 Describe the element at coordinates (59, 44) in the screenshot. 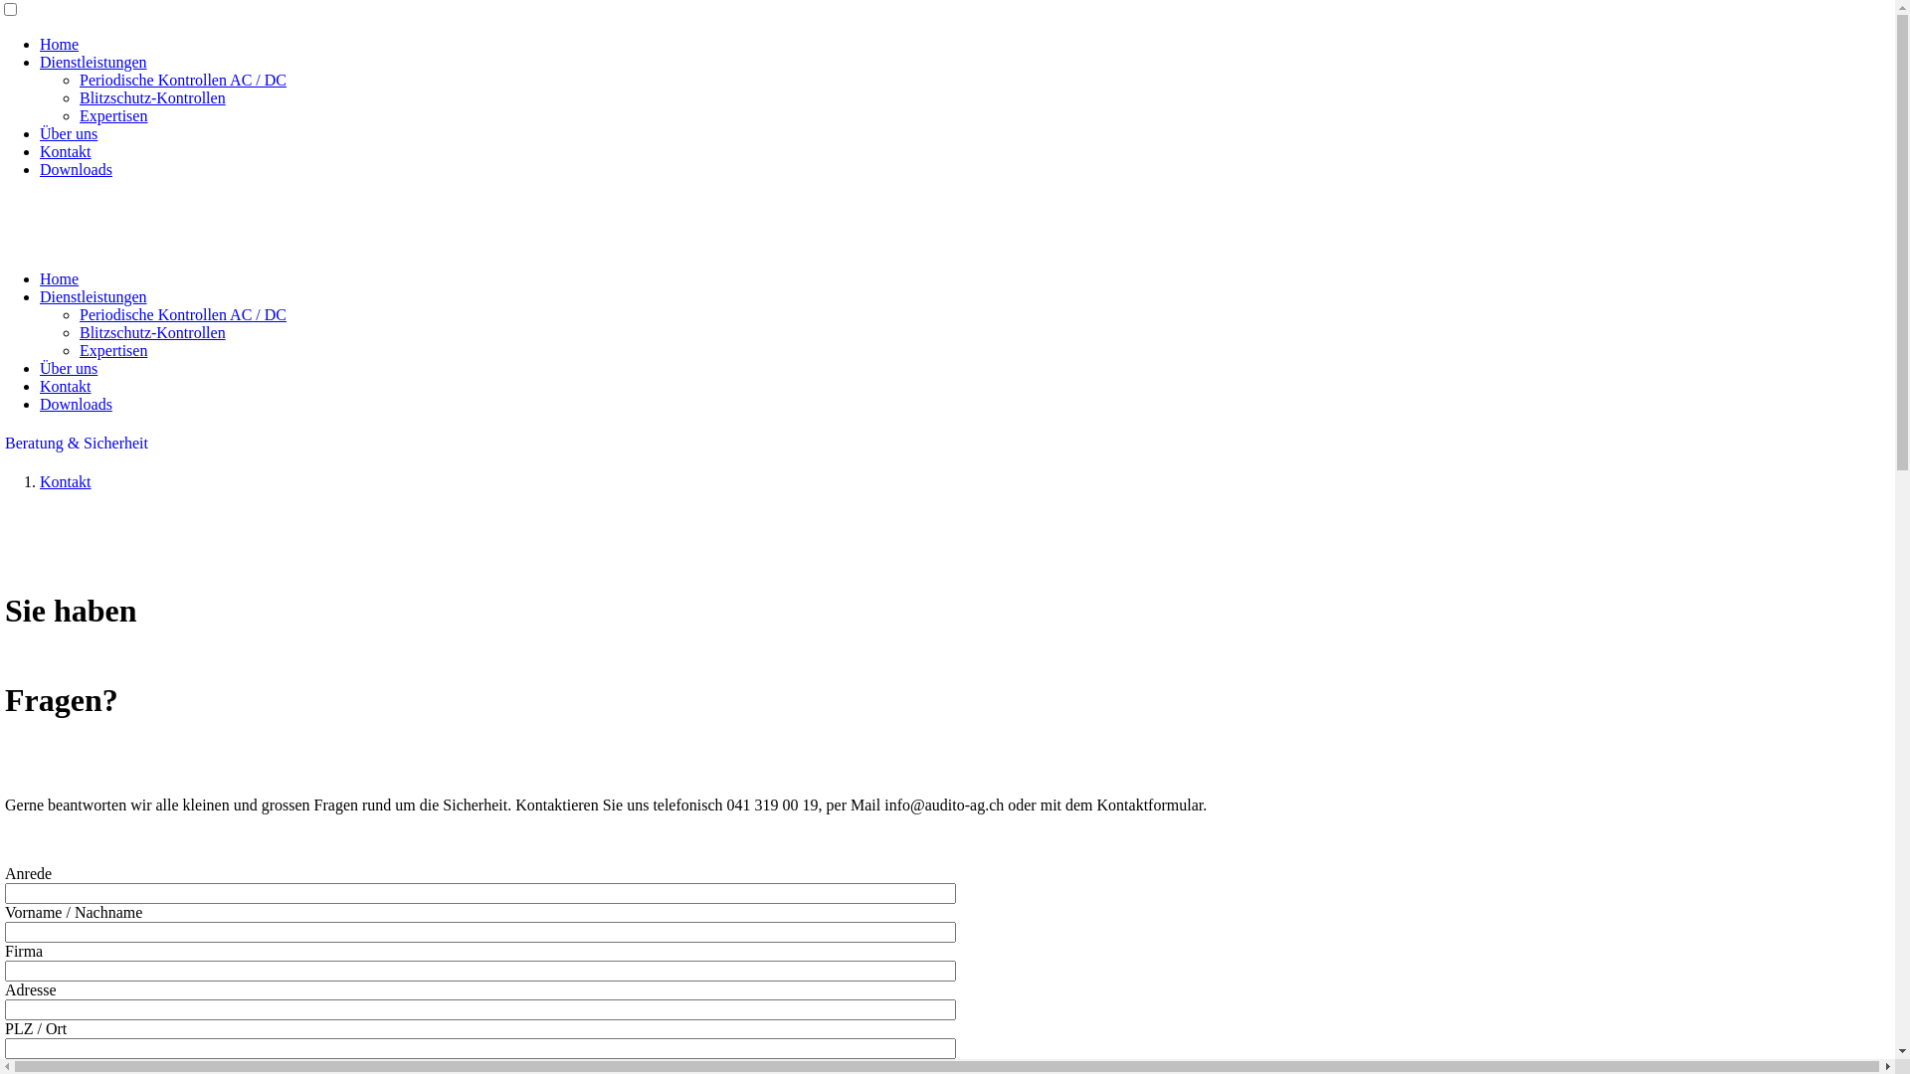

I see `'Home'` at that location.